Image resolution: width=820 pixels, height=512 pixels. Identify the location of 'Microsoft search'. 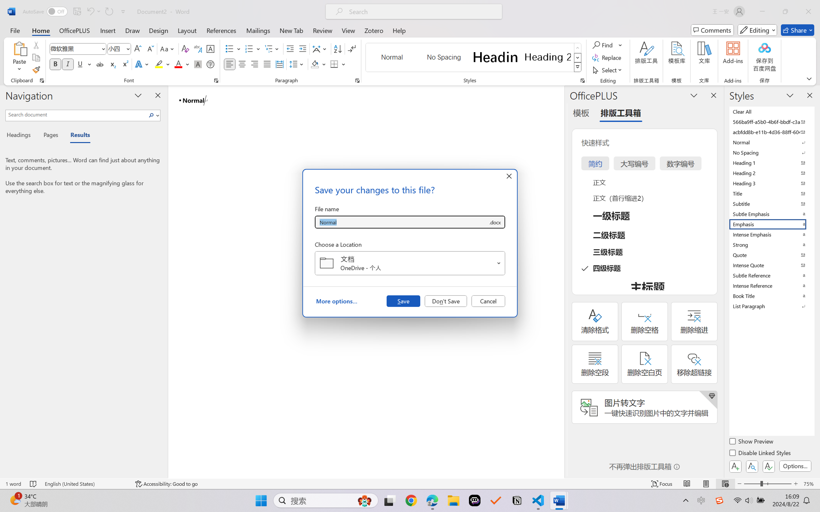
(422, 11).